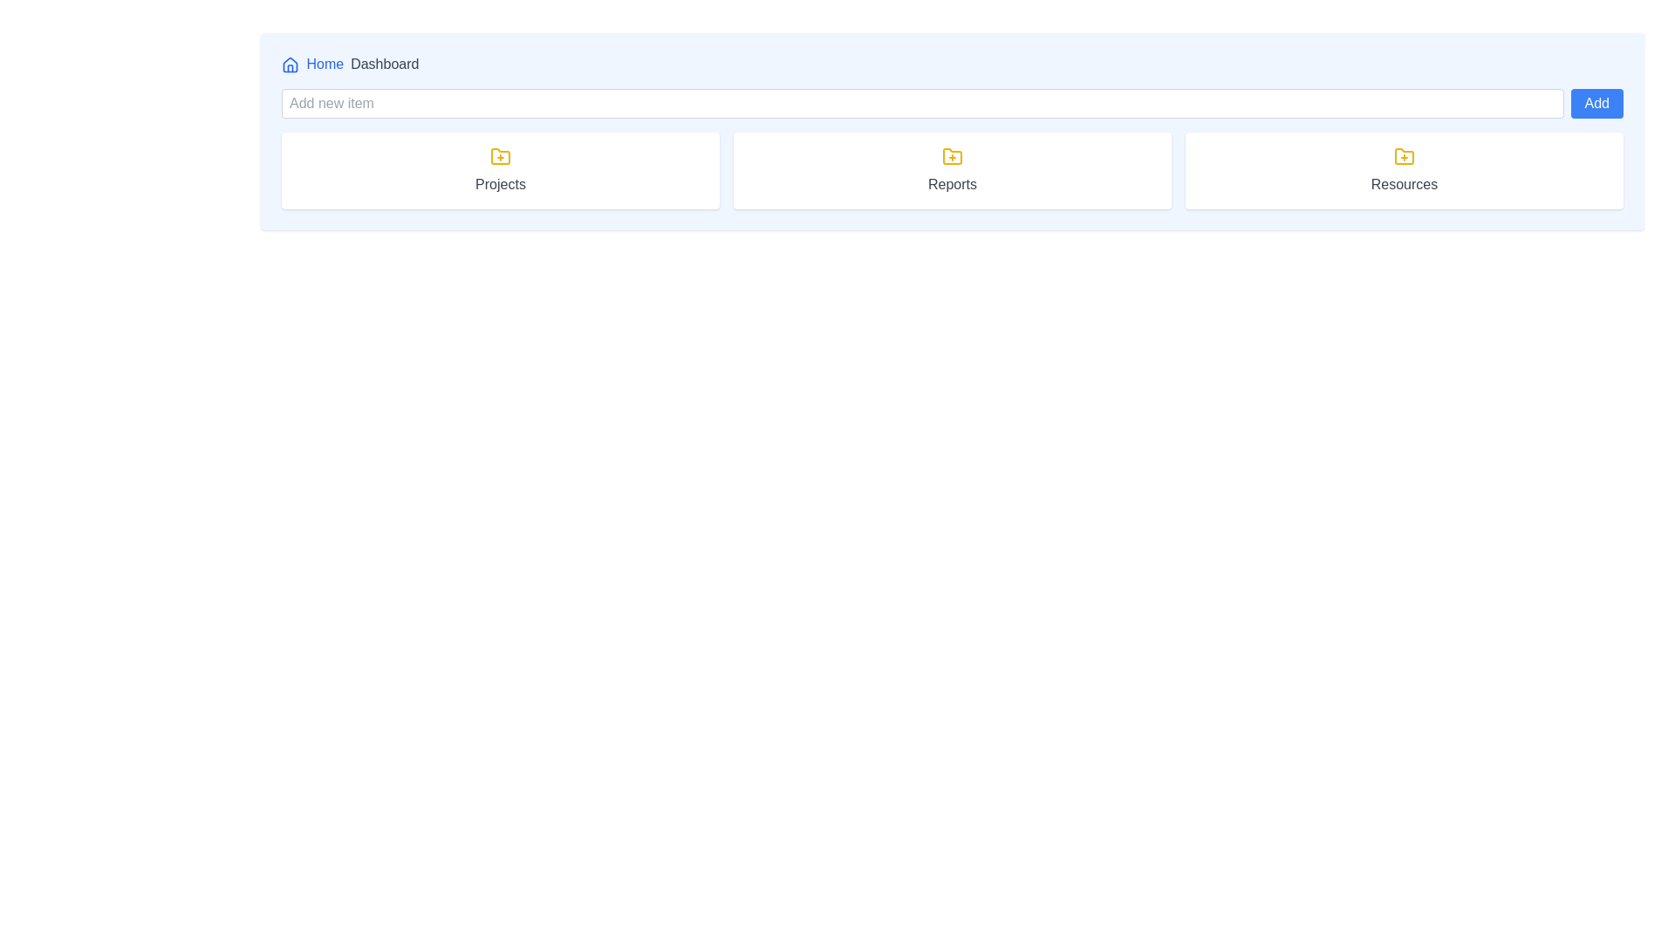 This screenshot has width=1675, height=942. I want to click on the yellow folder icon with a plus symbol located in the 'Resources' section, so click(1404, 157).